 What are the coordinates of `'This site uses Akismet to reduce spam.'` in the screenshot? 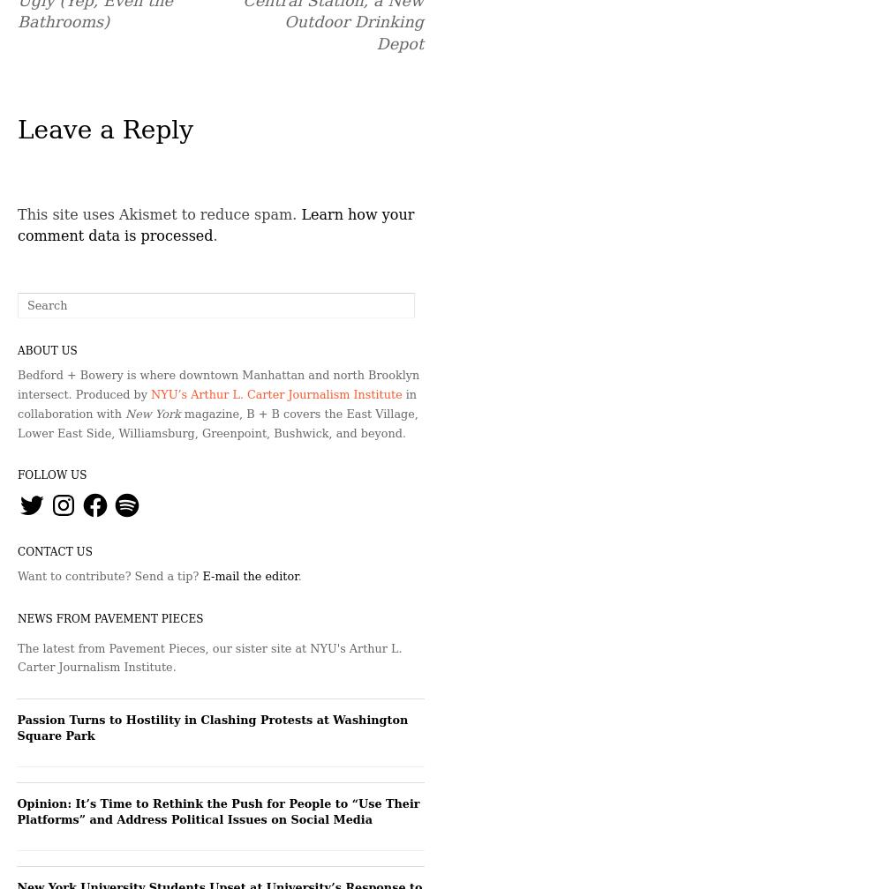 It's located at (159, 213).